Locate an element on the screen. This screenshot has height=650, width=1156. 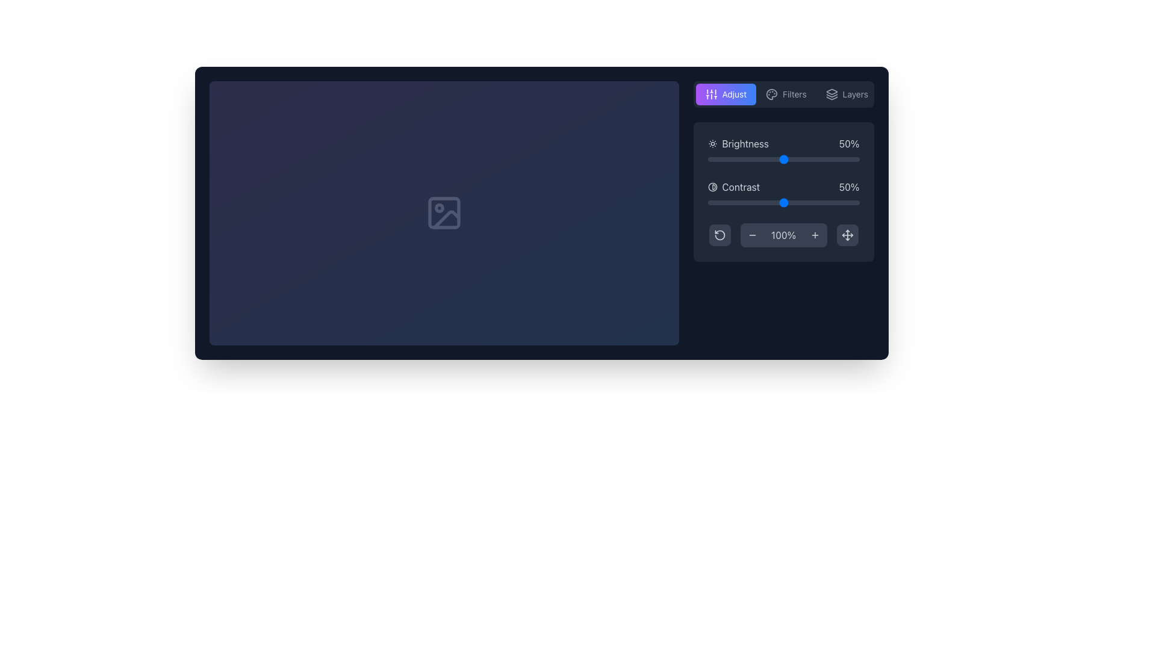
the slider value is located at coordinates (851, 159).